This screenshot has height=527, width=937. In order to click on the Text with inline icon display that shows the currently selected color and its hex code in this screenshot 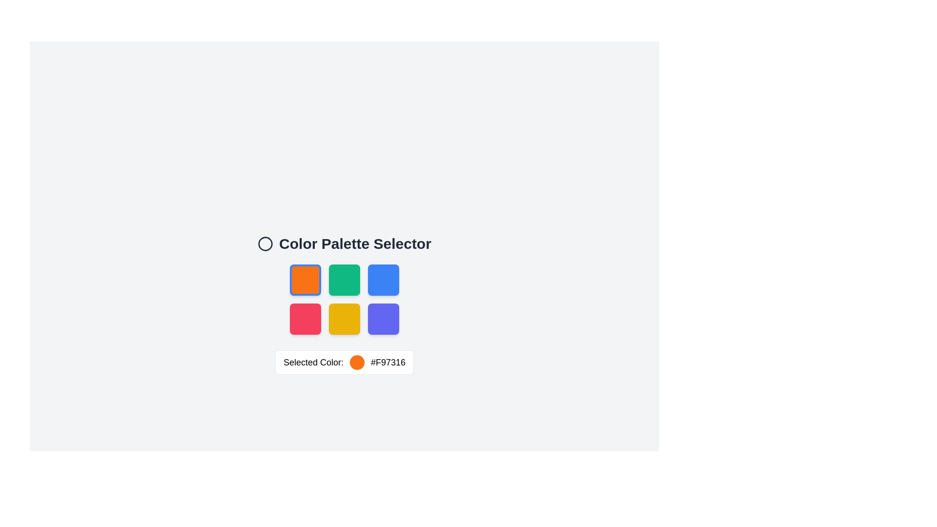, I will do `click(344, 363)`.